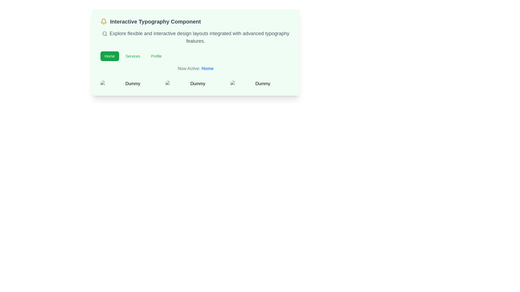 This screenshot has height=292, width=520. I want to click on the 'Home' text label indicating the current active section in the interface, so click(207, 68).